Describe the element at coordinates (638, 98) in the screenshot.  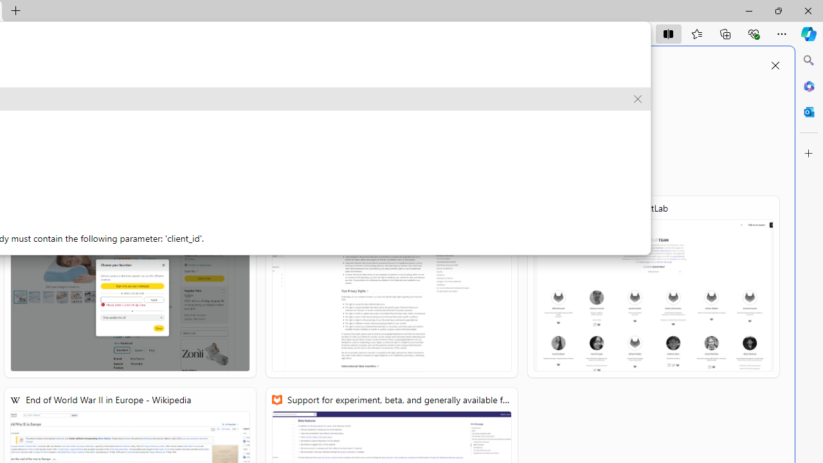
I see `'Remove suggestion'` at that location.